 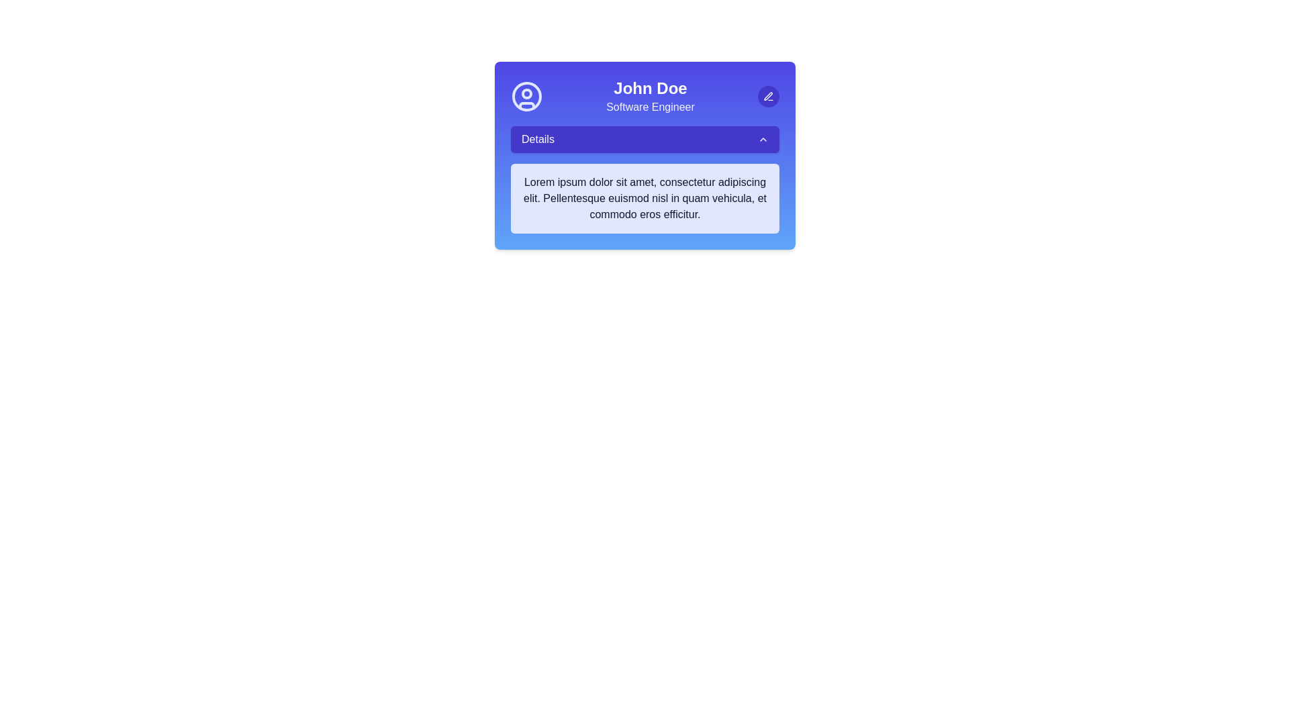 I want to click on the decorative curve at the bottom of the user's profile icon within the SVG graphic, which is located to the left of the 'John Doe' text, so click(x=526, y=105).